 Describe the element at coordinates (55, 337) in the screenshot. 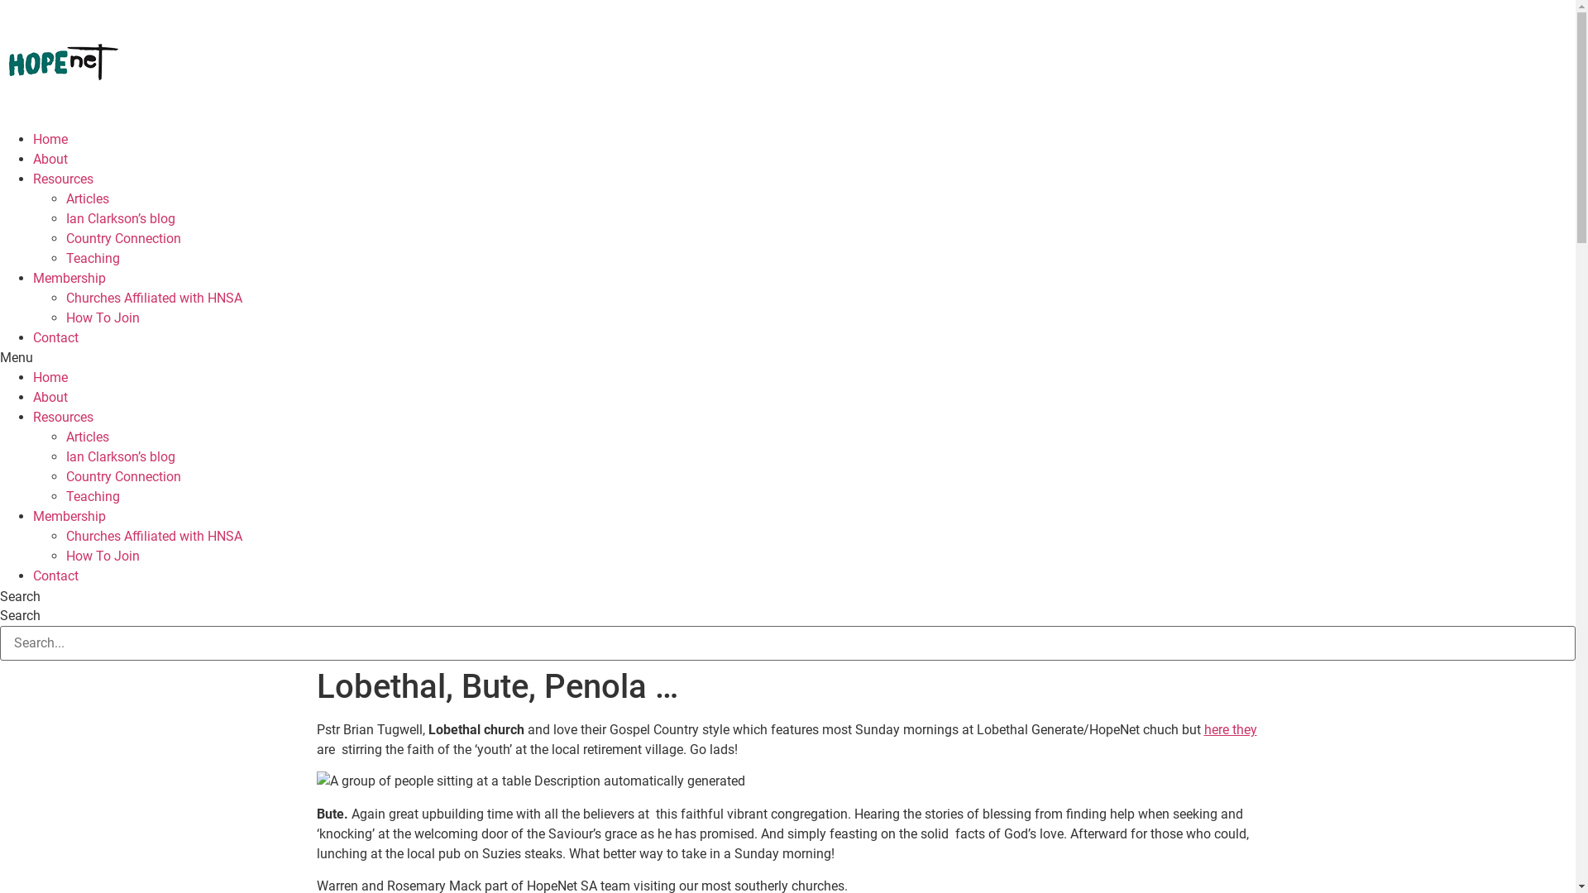

I see `'Contact'` at that location.